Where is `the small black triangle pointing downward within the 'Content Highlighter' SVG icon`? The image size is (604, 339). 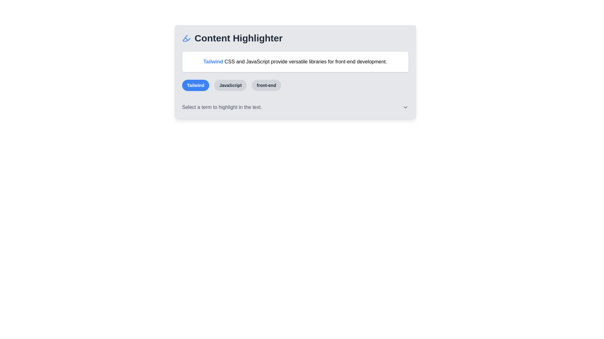 the small black triangle pointing downward within the 'Content Highlighter' SVG icon is located at coordinates (185, 40).